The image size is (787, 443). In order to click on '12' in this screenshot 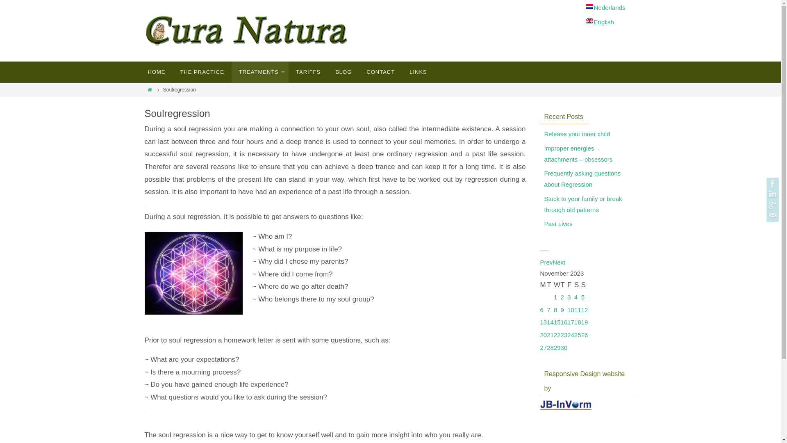, I will do `click(580, 310)`.